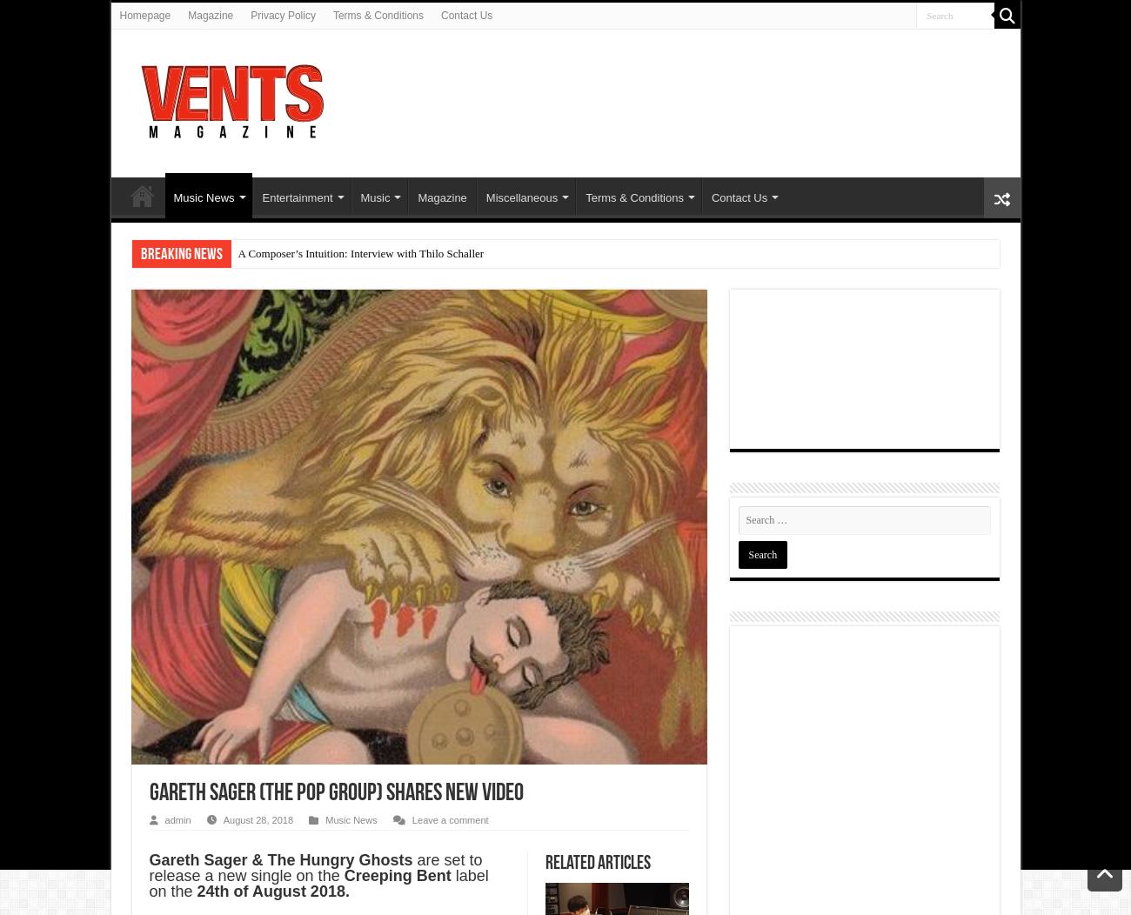 This screenshot has width=1131, height=915. Describe the element at coordinates (177, 819) in the screenshot. I see `'admin'` at that location.